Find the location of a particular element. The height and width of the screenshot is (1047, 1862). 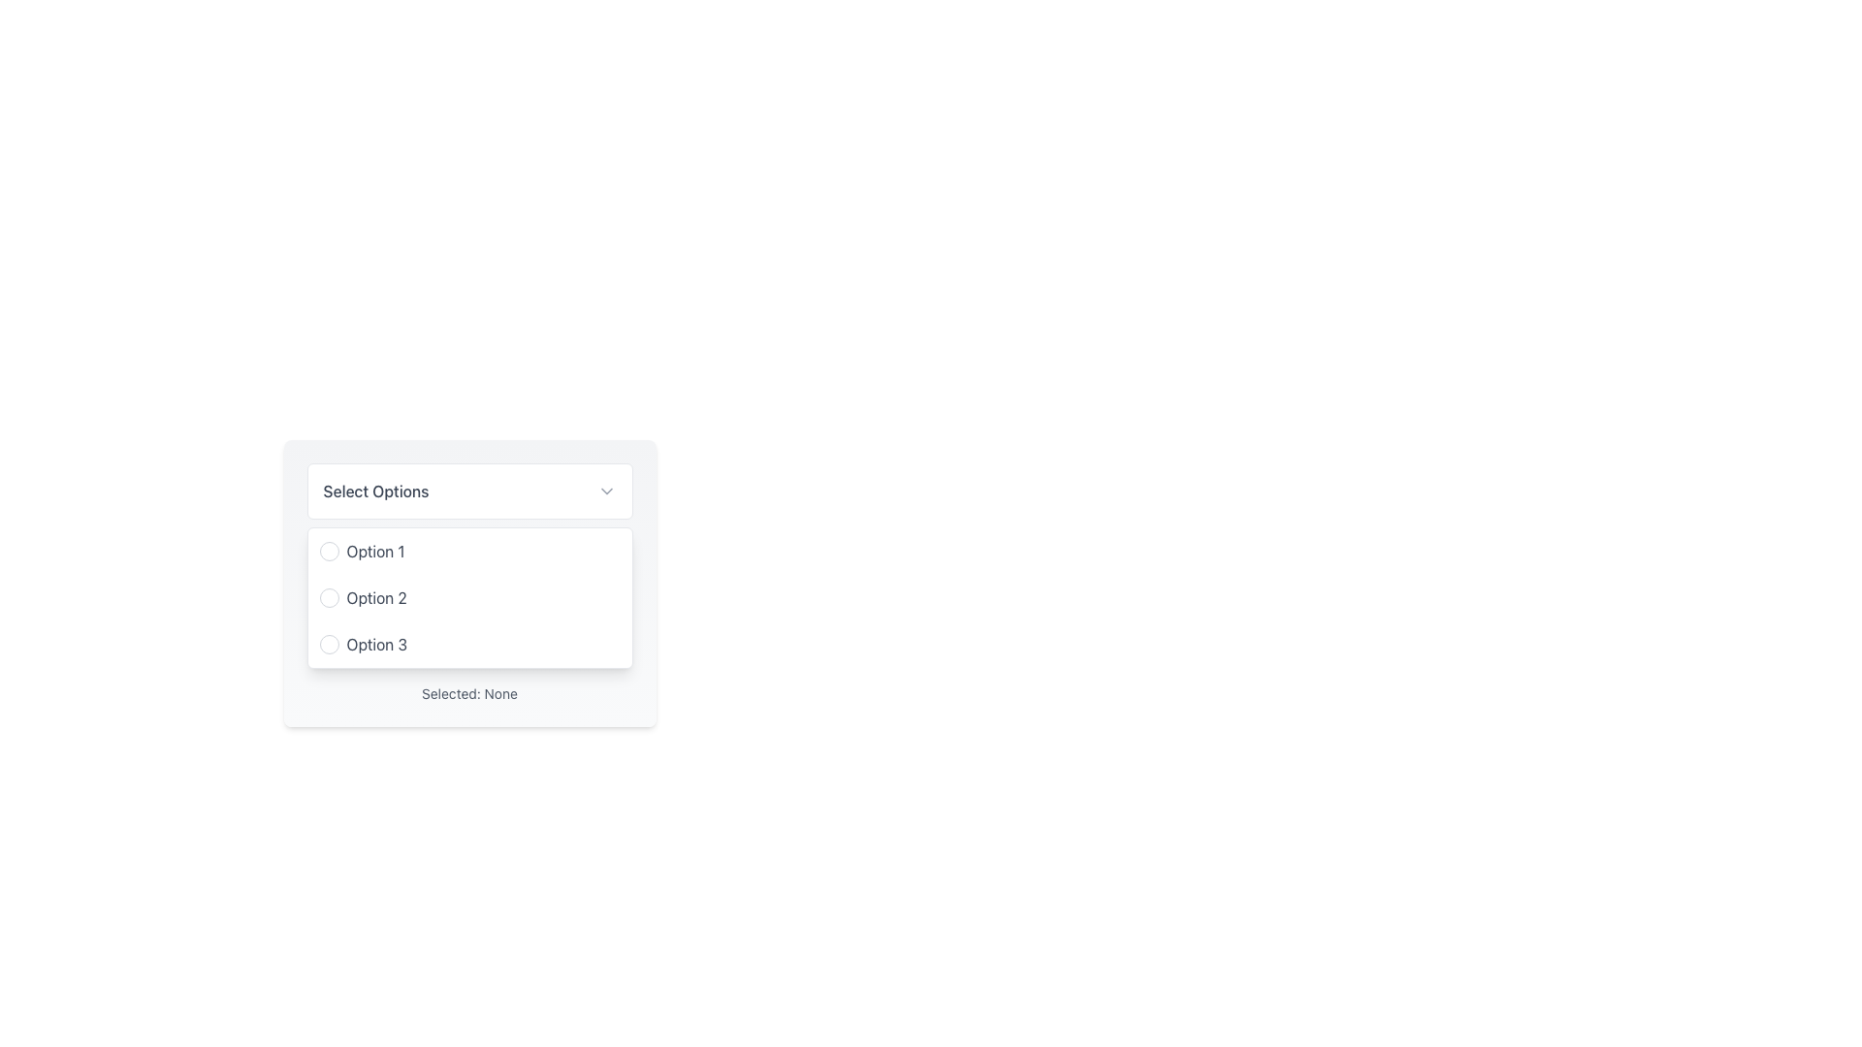

the Dropdown menu displaying radio button options is located at coordinates (469, 597).